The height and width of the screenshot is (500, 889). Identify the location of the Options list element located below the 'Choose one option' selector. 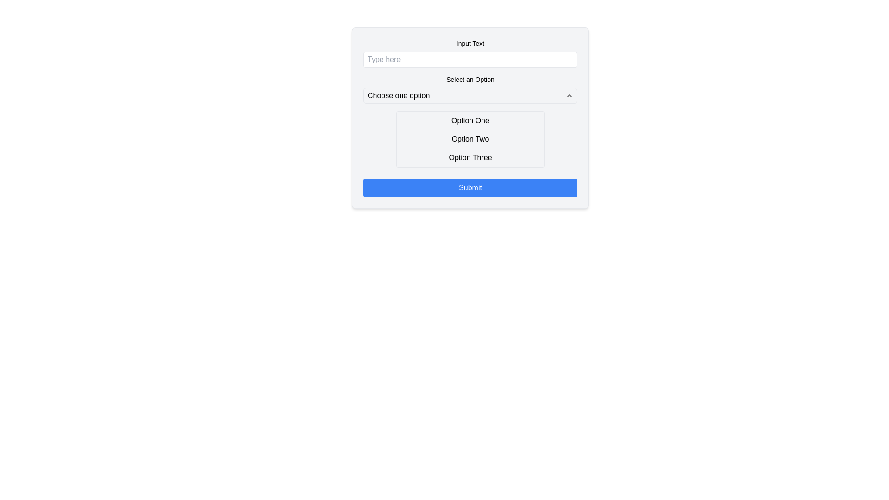
(470, 139).